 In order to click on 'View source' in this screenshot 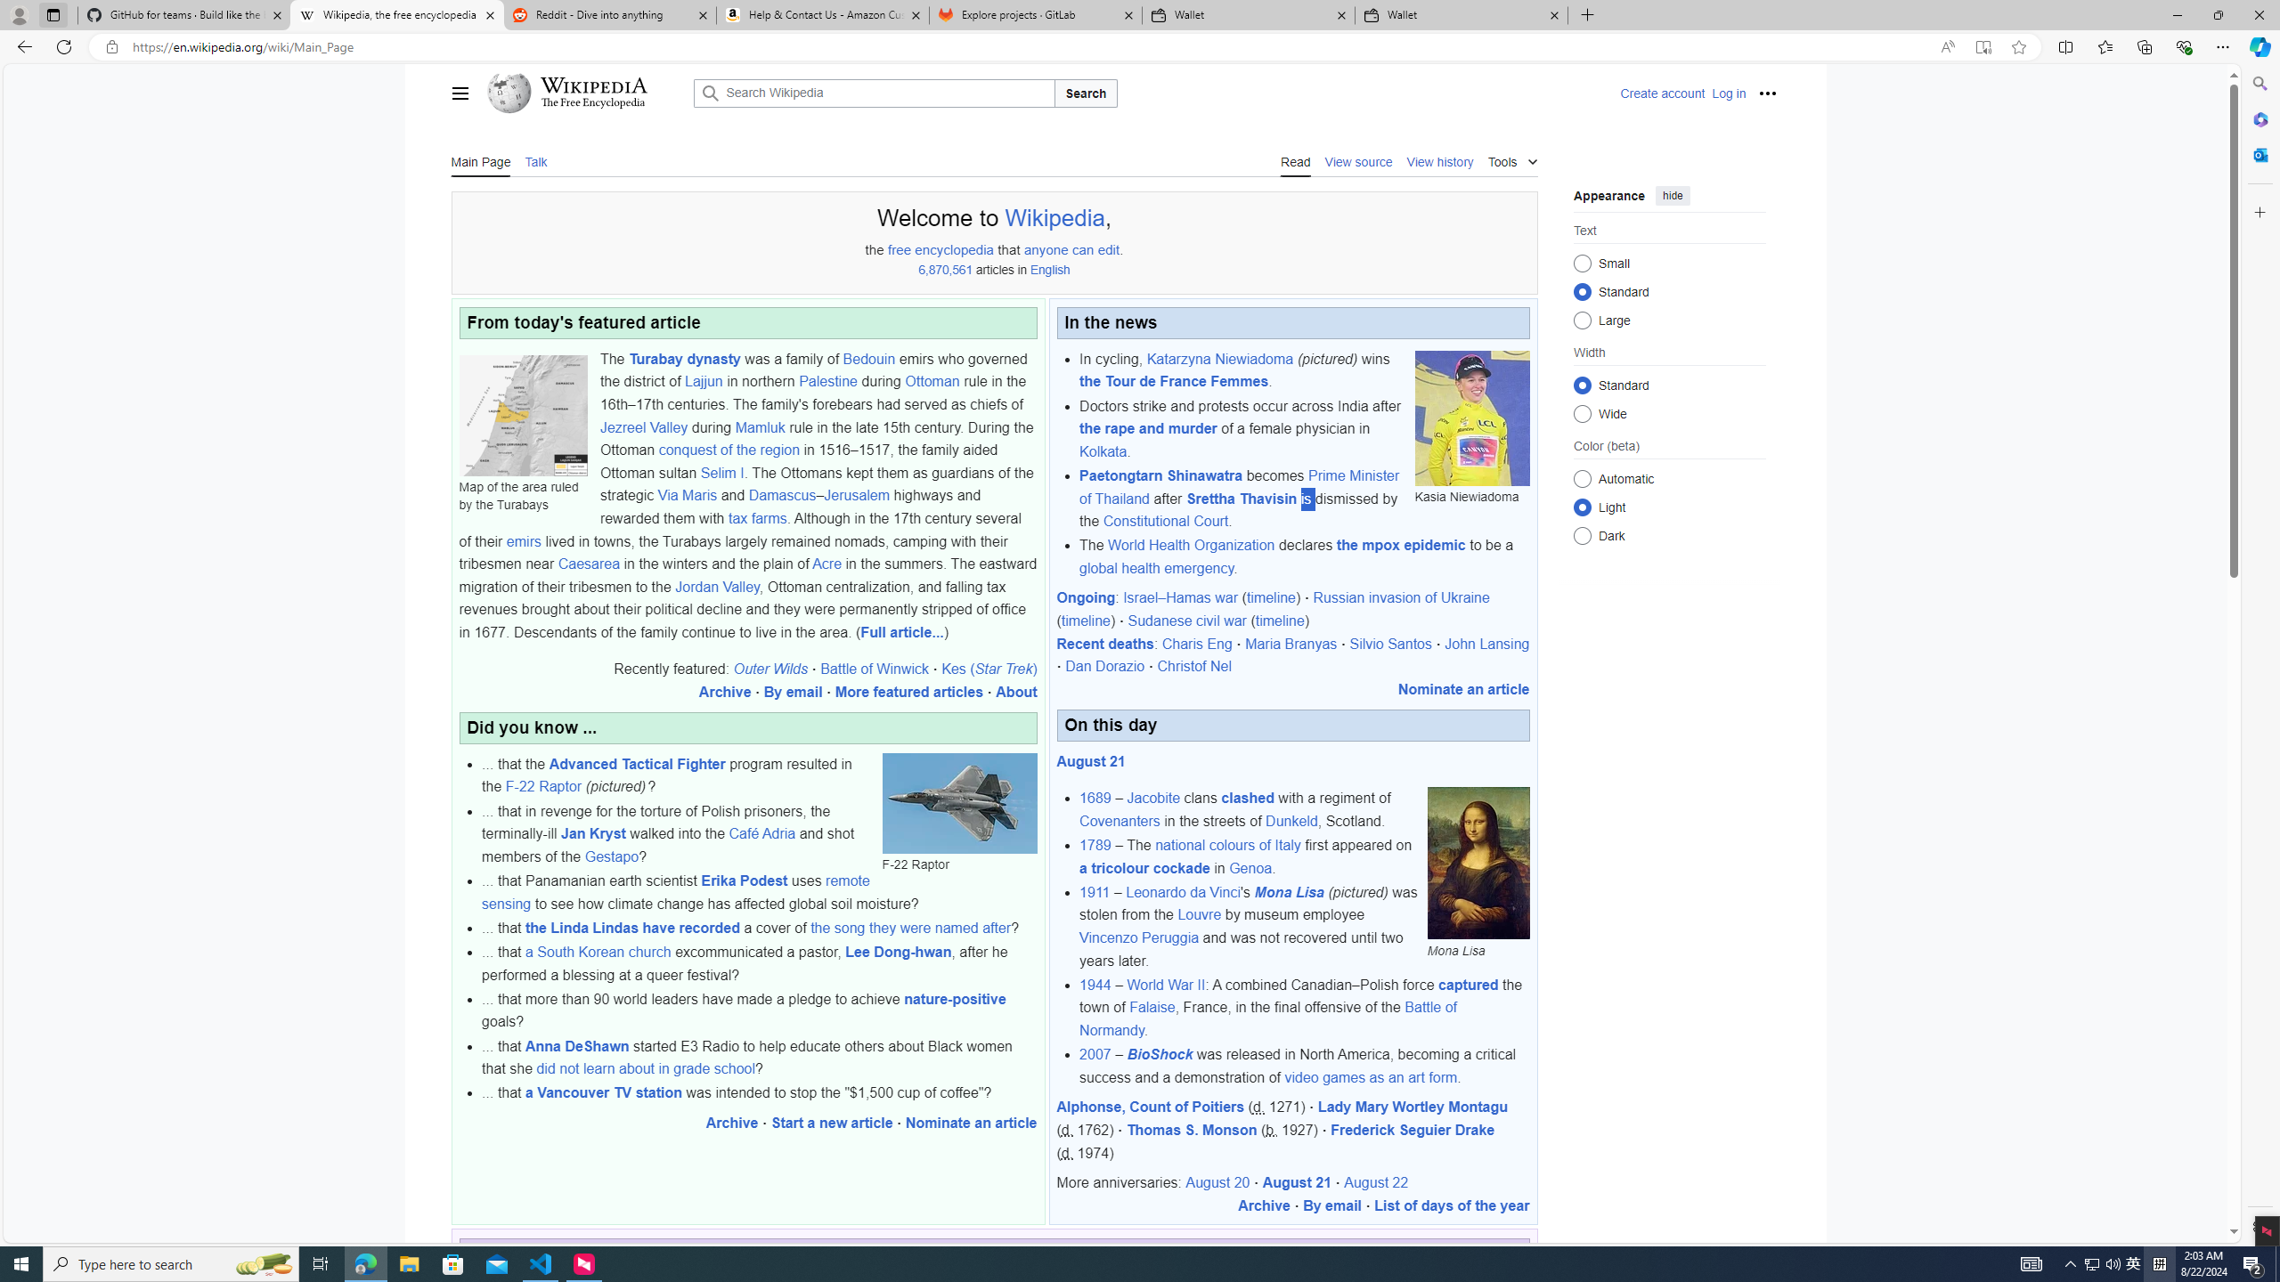, I will do `click(1357, 160)`.